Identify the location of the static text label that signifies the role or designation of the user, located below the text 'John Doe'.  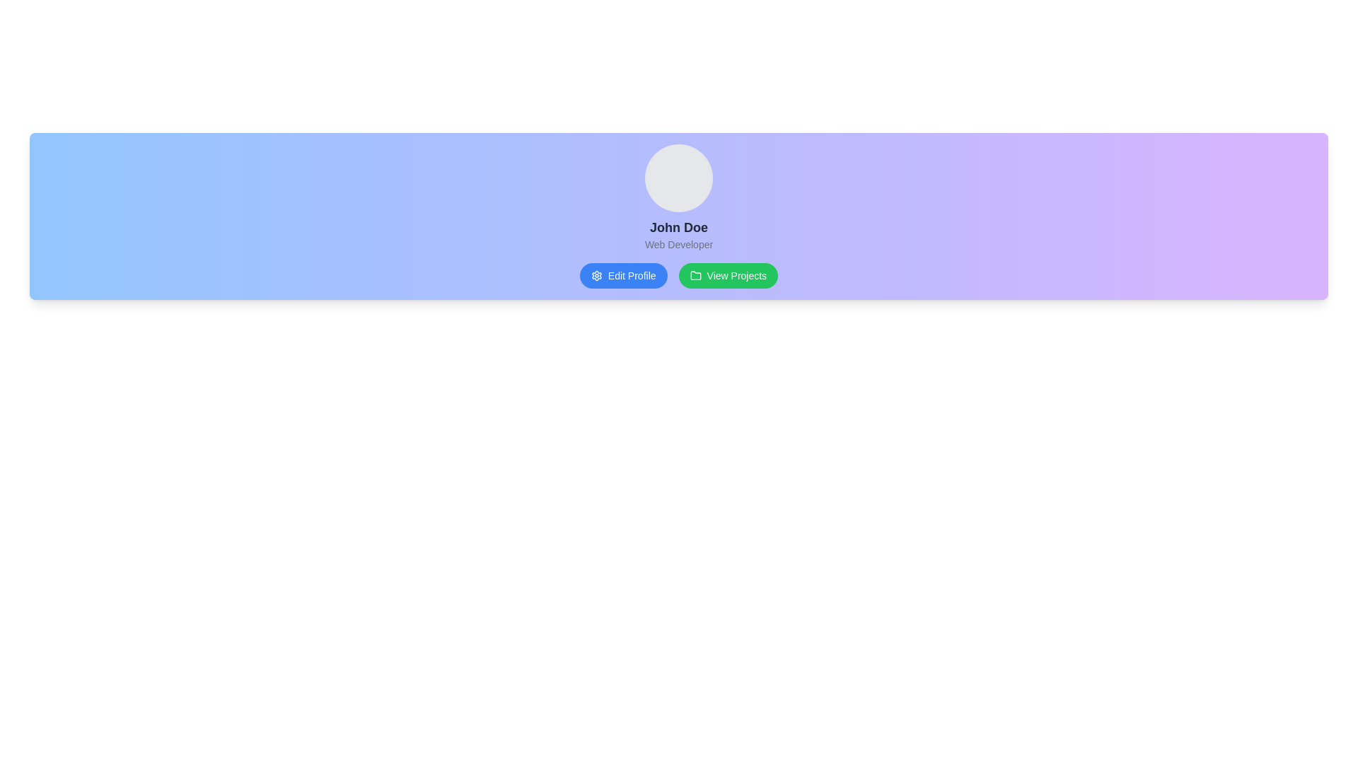
(679, 244).